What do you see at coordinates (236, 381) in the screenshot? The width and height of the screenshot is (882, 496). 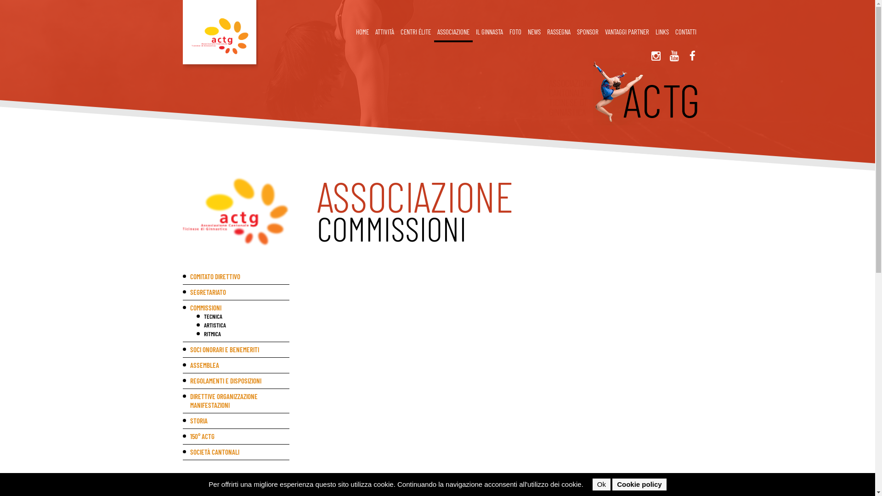 I see `'REGOLAMENTI E DISPOSIZIONI'` at bounding box center [236, 381].